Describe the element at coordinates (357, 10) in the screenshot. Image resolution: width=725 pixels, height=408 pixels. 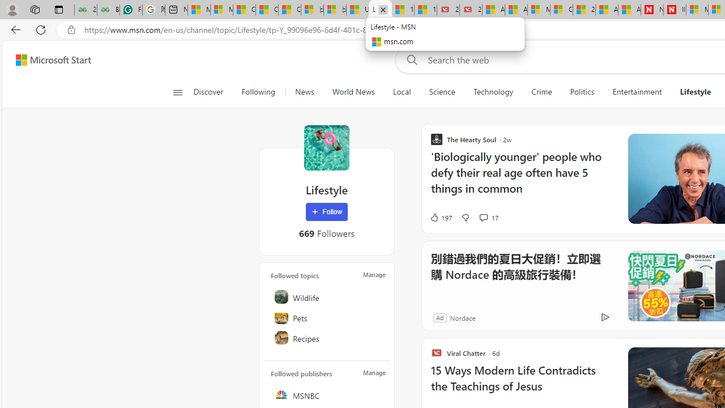
I see `'USA TODAY - MSN'` at that location.